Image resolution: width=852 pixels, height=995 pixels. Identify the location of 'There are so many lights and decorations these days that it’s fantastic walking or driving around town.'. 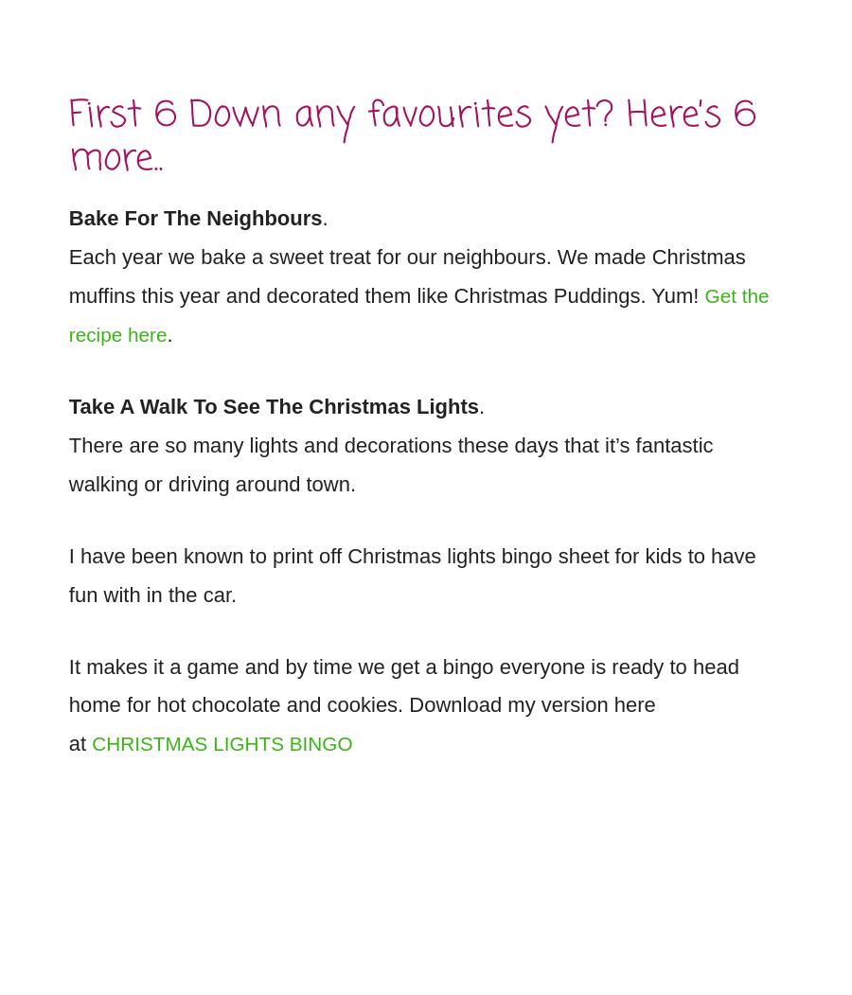
(390, 451).